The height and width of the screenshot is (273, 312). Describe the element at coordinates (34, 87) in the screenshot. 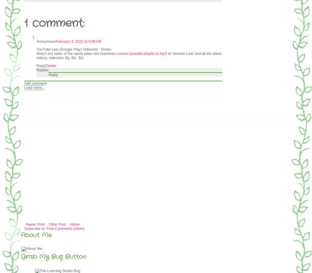

I see `'Load more...'` at that location.